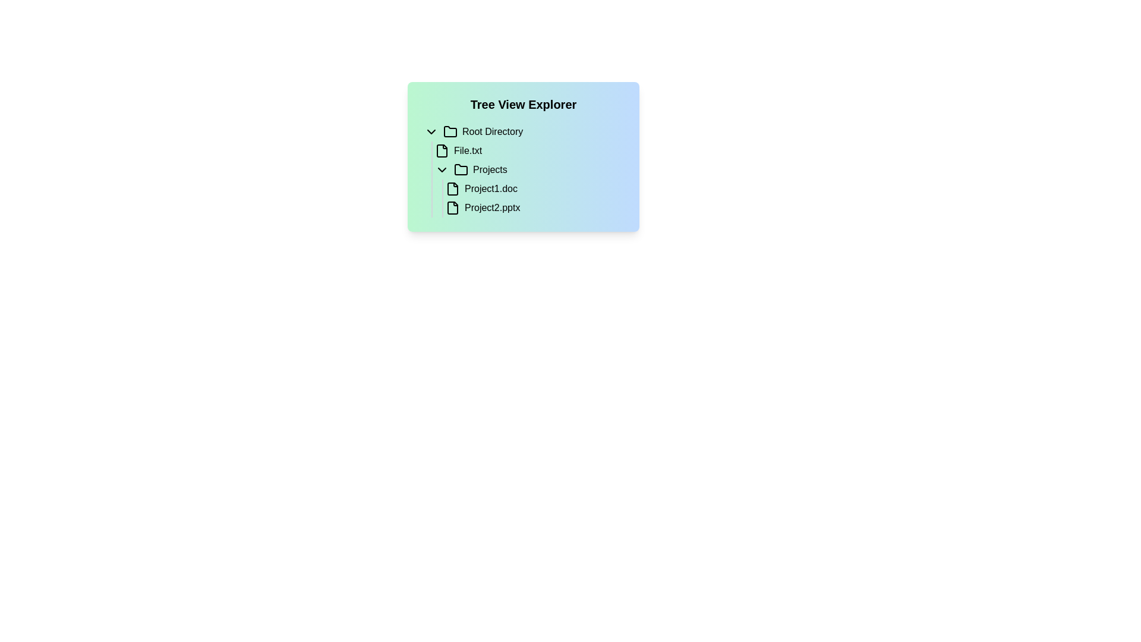 The height and width of the screenshot is (642, 1141). I want to click on the folder icon representing the 'Projects' directory, so click(461, 169).